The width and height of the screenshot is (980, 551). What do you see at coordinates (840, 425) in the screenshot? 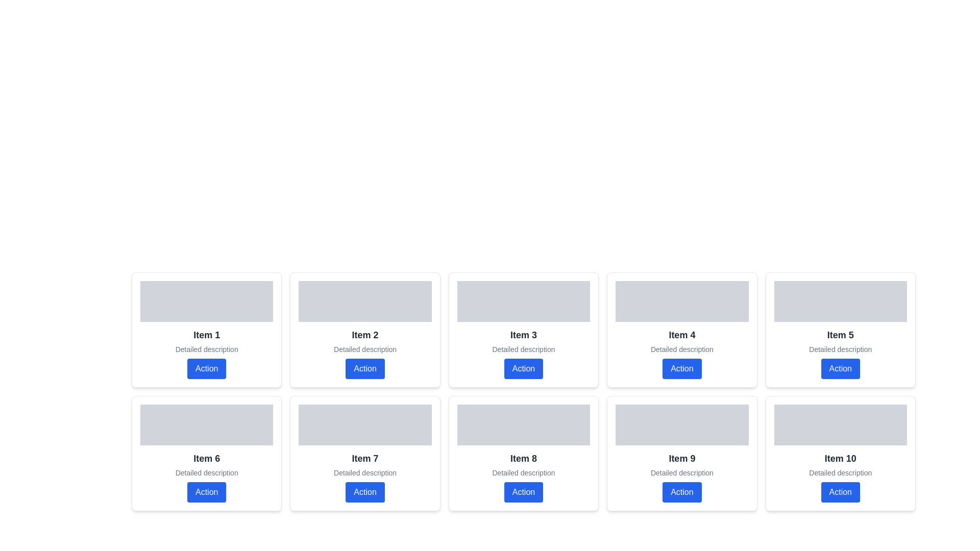
I see `the placeholder or display area at the top of the card labeled 'Item 10' to interact with its visual or content representation` at bounding box center [840, 425].